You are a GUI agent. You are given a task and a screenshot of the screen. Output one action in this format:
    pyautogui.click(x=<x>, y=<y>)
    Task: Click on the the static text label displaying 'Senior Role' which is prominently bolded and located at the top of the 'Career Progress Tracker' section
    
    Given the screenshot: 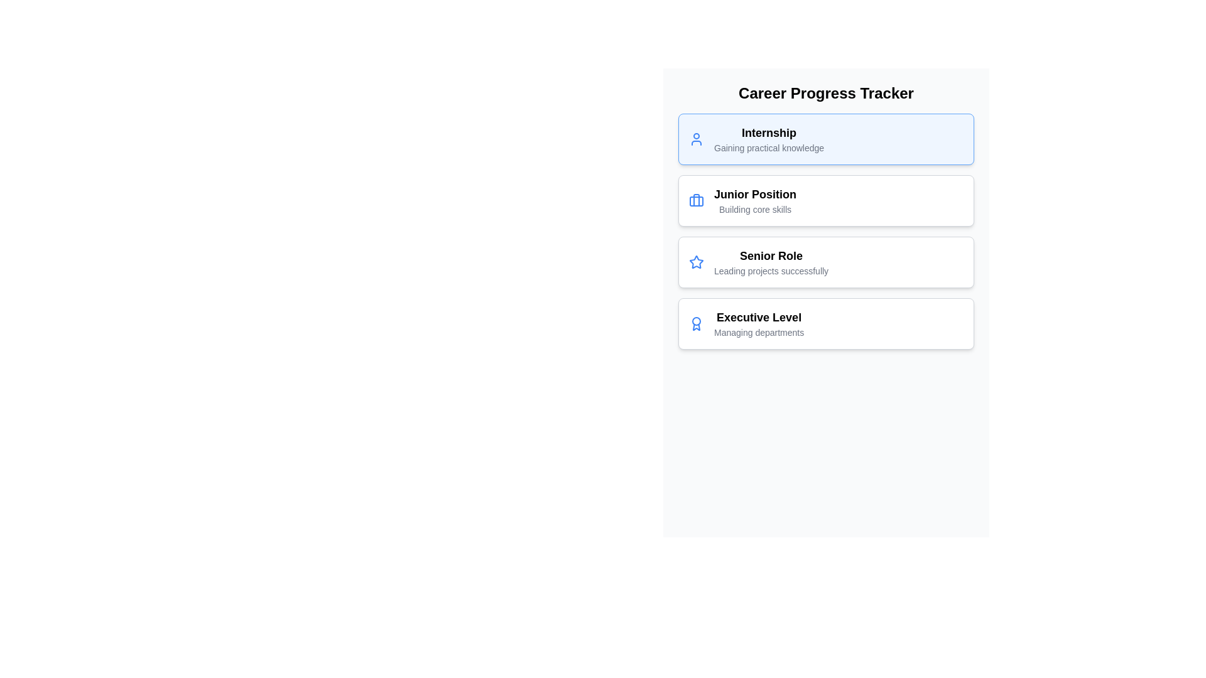 What is the action you would take?
    pyautogui.click(x=771, y=256)
    